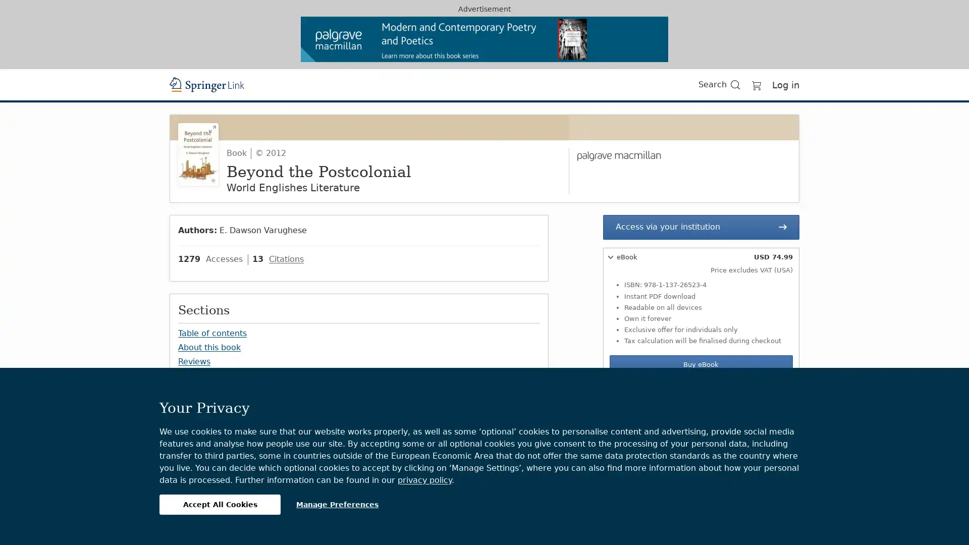  What do you see at coordinates (700, 364) in the screenshot?
I see `Buy eBook` at bounding box center [700, 364].